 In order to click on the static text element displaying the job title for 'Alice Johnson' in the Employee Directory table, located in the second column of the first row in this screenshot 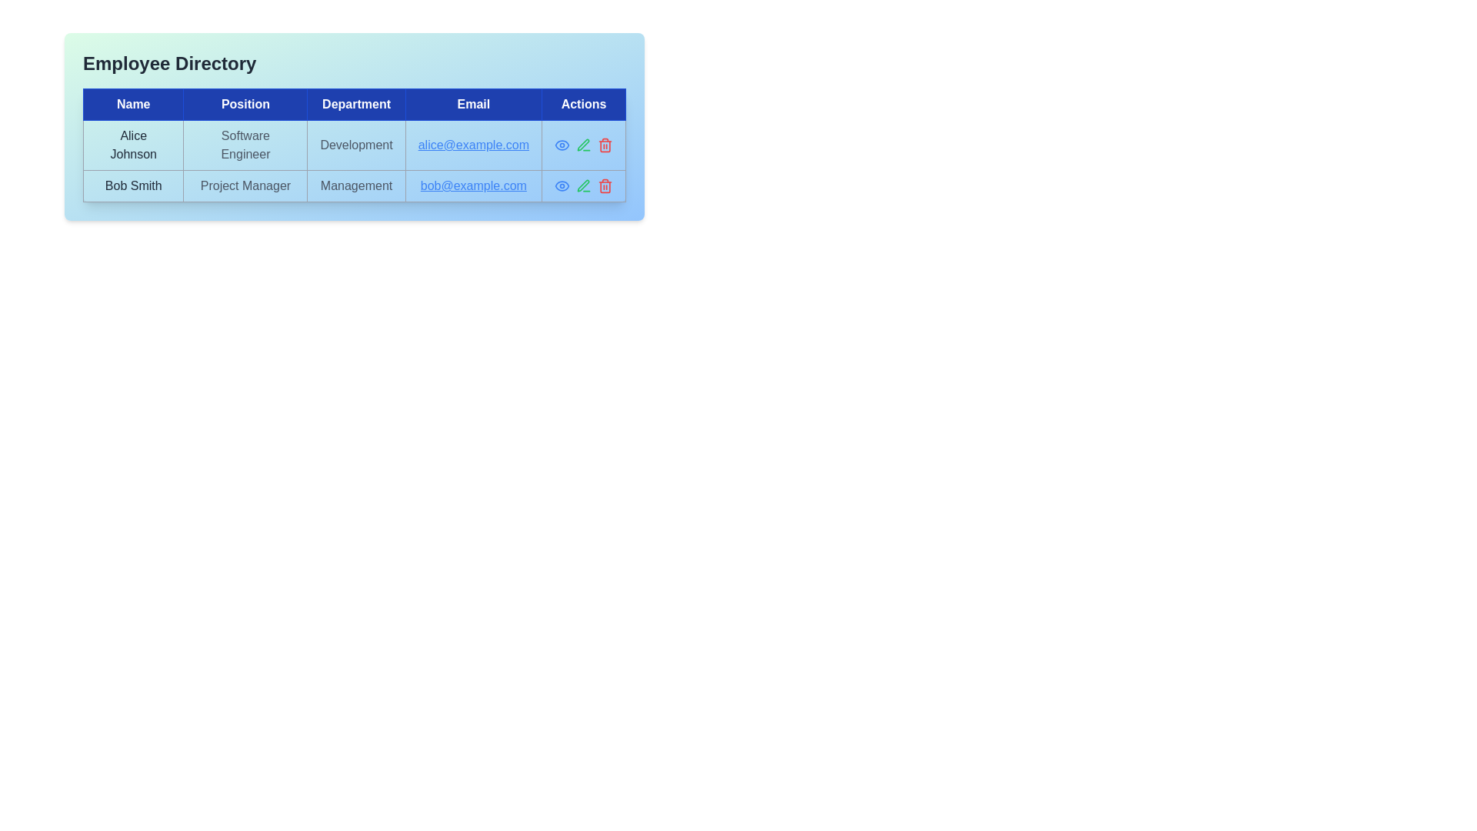, I will do `click(245, 145)`.